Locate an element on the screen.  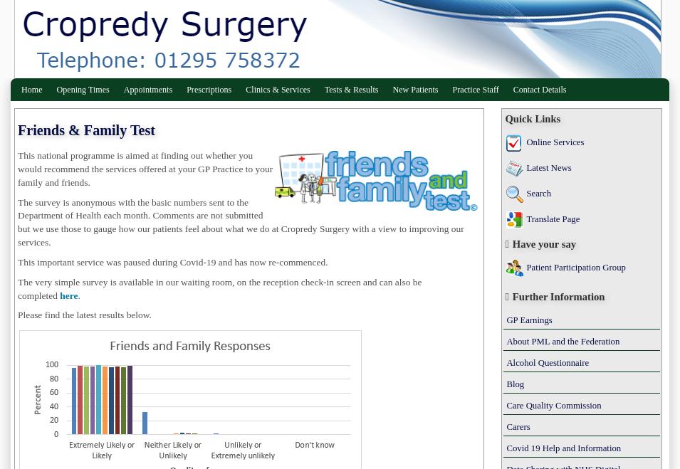
'Patient Participation Group' is located at coordinates (575, 268).